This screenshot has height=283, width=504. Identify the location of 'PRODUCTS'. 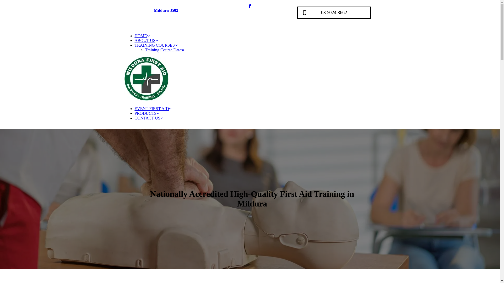
(146, 113).